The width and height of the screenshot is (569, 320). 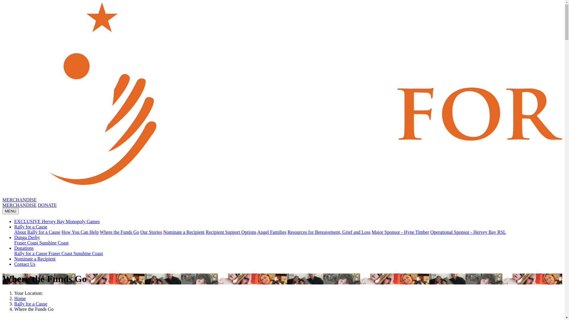 I want to click on 'Sunshine Coast', so click(x=88, y=253).